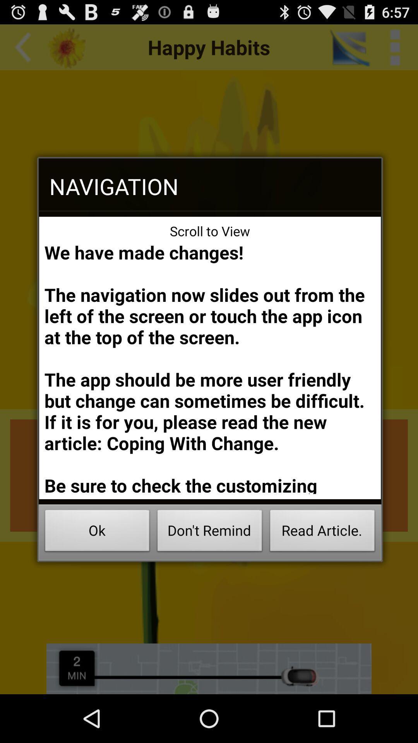  What do you see at coordinates (210, 532) in the screenshot?
I see `the item to the right of ok item` at bounding box center [210, 532].